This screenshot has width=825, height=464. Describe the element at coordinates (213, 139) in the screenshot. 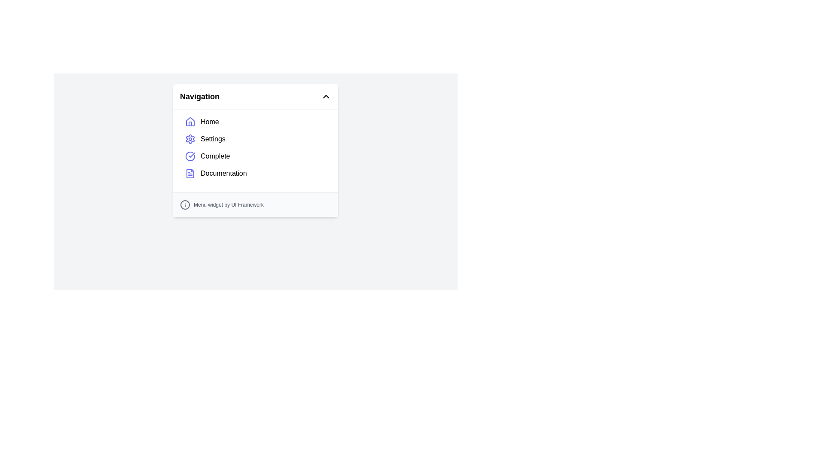

I see `the 'Settings' menu option represented by the TextLabel, which is the second item in the vertical menu list` at that location.